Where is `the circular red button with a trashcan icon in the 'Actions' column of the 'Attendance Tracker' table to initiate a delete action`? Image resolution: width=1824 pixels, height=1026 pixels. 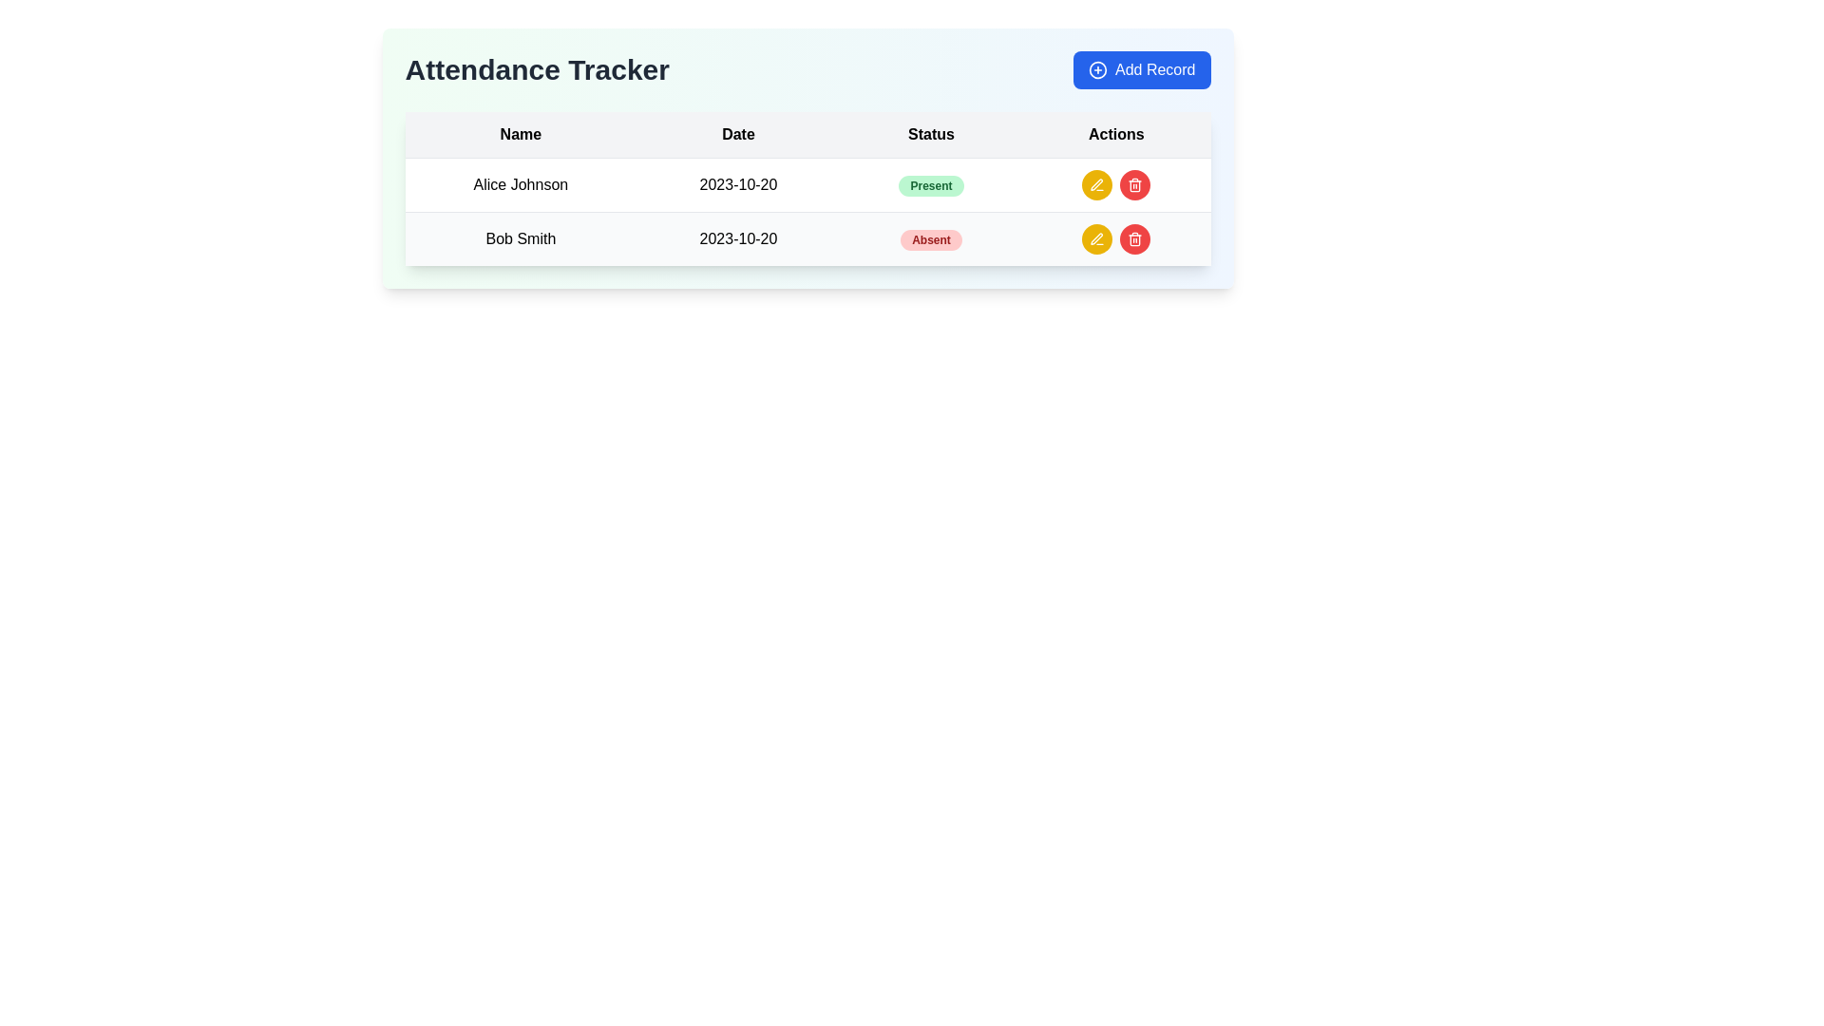
the circular red button with a trashcan icon in the 'Actions' column of the 'Attendance Tracker' table to initiate a delete action is located at coordinates (1135, 237).